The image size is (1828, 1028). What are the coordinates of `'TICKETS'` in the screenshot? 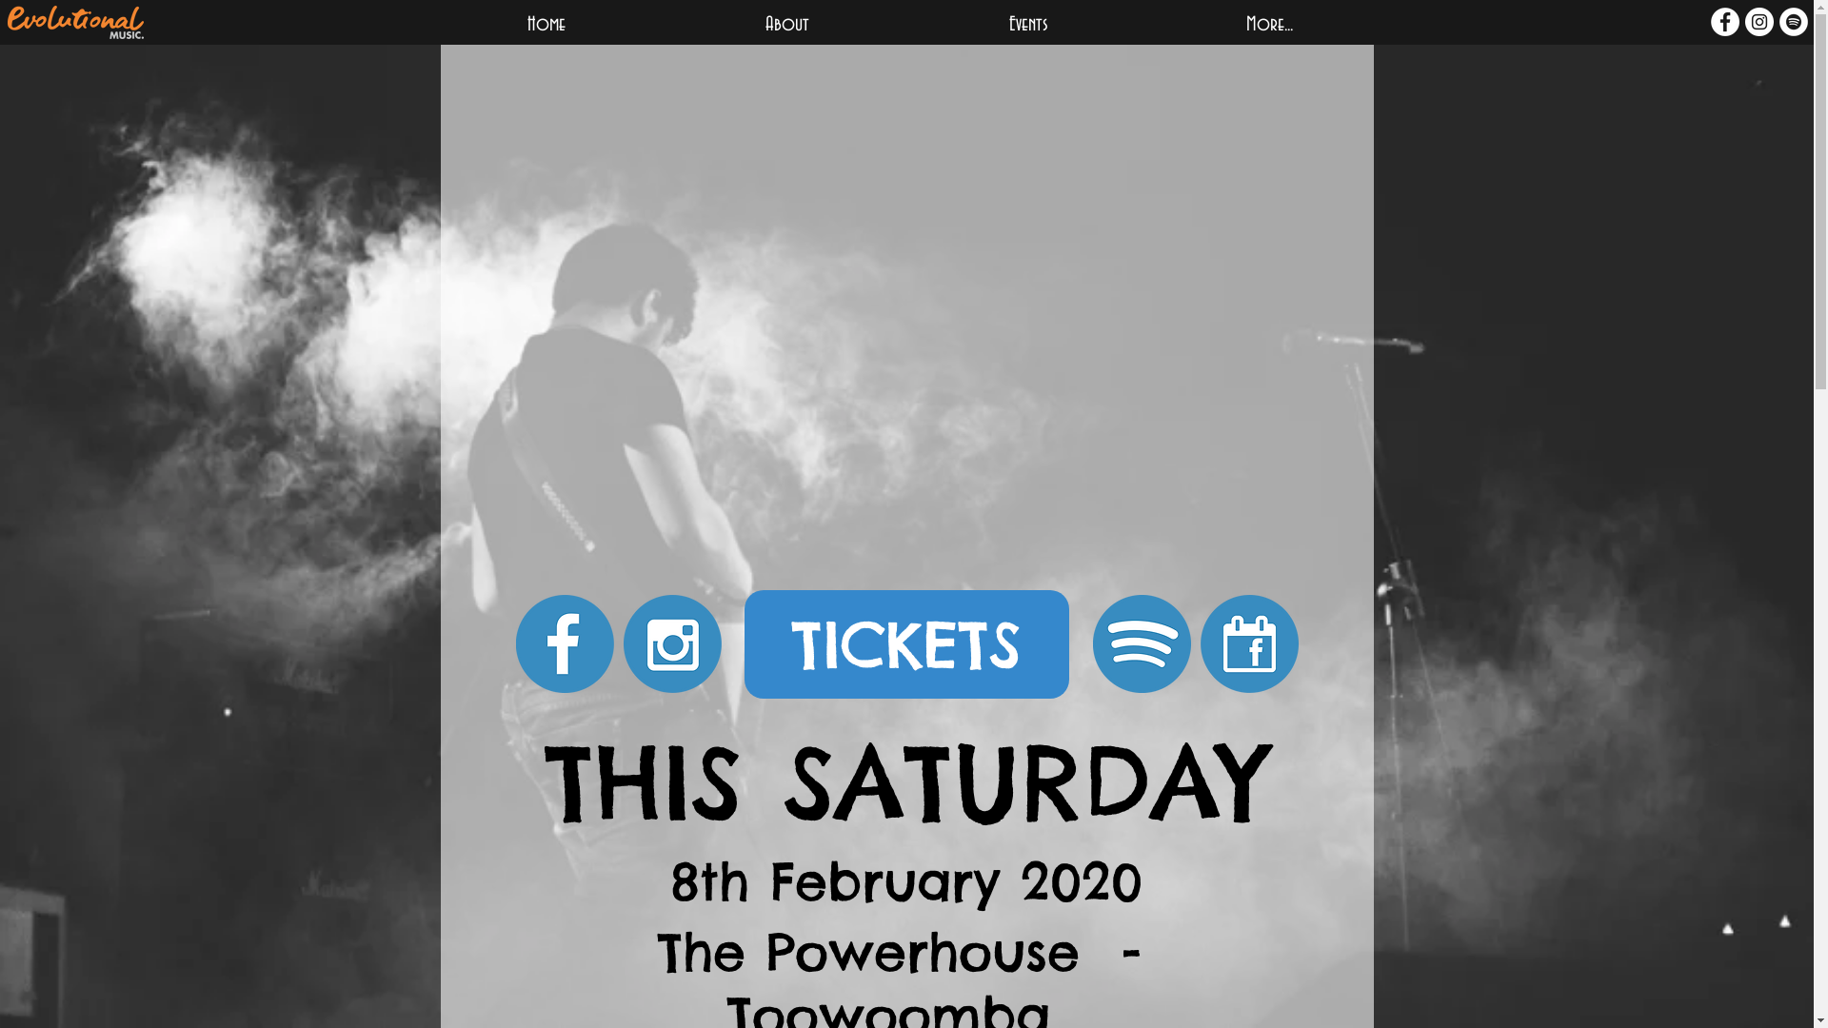 It's located at (905, 643).